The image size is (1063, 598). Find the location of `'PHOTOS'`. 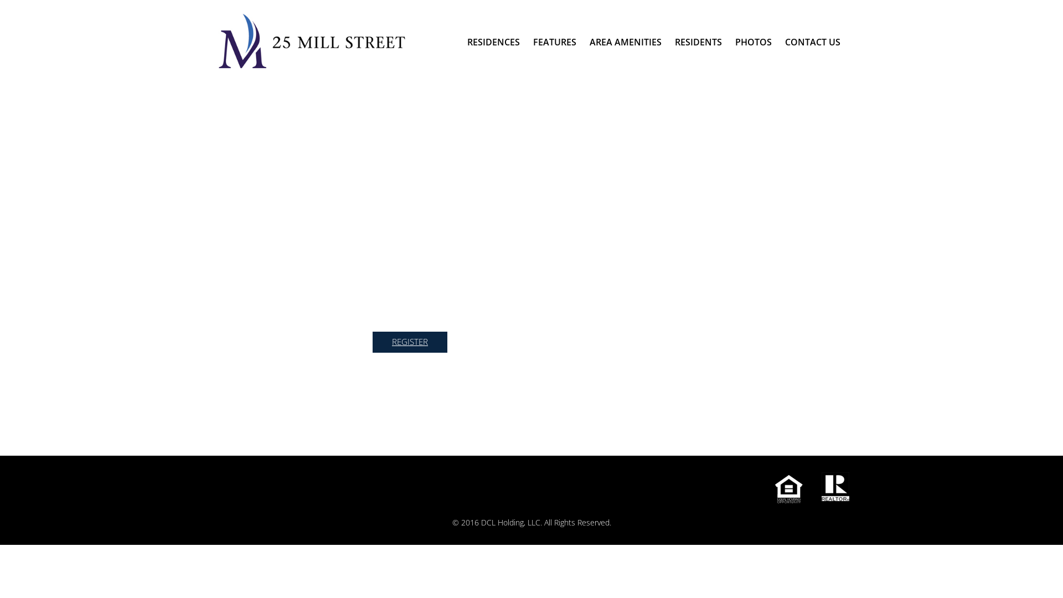

'PHOTOS' is located at coordinates (753, 42).